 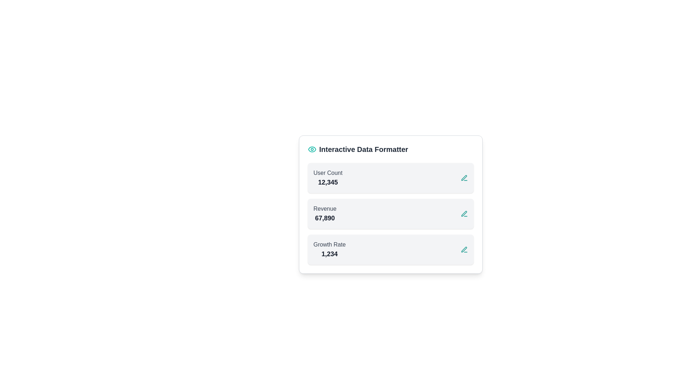 What do you see at coordinates (329, 254) in the screenshot?
I see `the static text displaying '1,234' in bold and large font, located in the 'Growth Rate' section at the bottom of the vertical list` at bounding box center [329, 254].